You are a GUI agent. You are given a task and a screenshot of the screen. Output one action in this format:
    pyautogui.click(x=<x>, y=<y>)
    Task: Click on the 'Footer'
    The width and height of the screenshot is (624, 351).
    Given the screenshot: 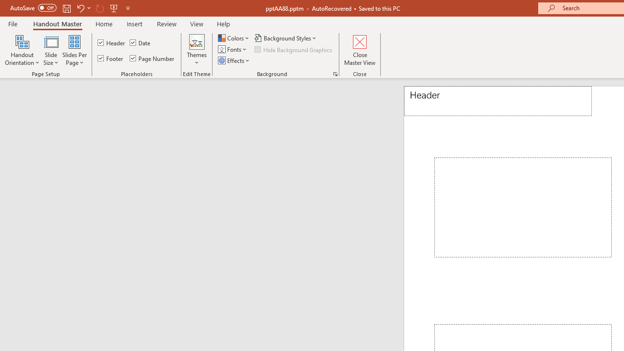 What is the action you would take?
    pyautogui.click(x=111, y=58)
    